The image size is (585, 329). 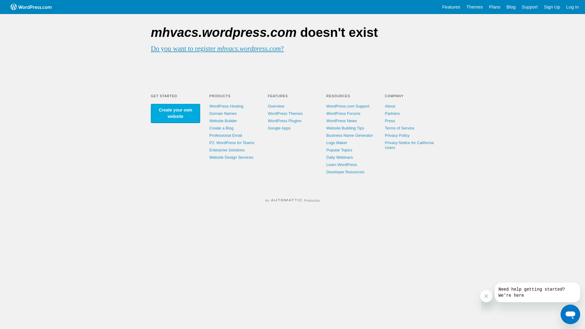 I want to click on 'About', so click(x=390, y=106).